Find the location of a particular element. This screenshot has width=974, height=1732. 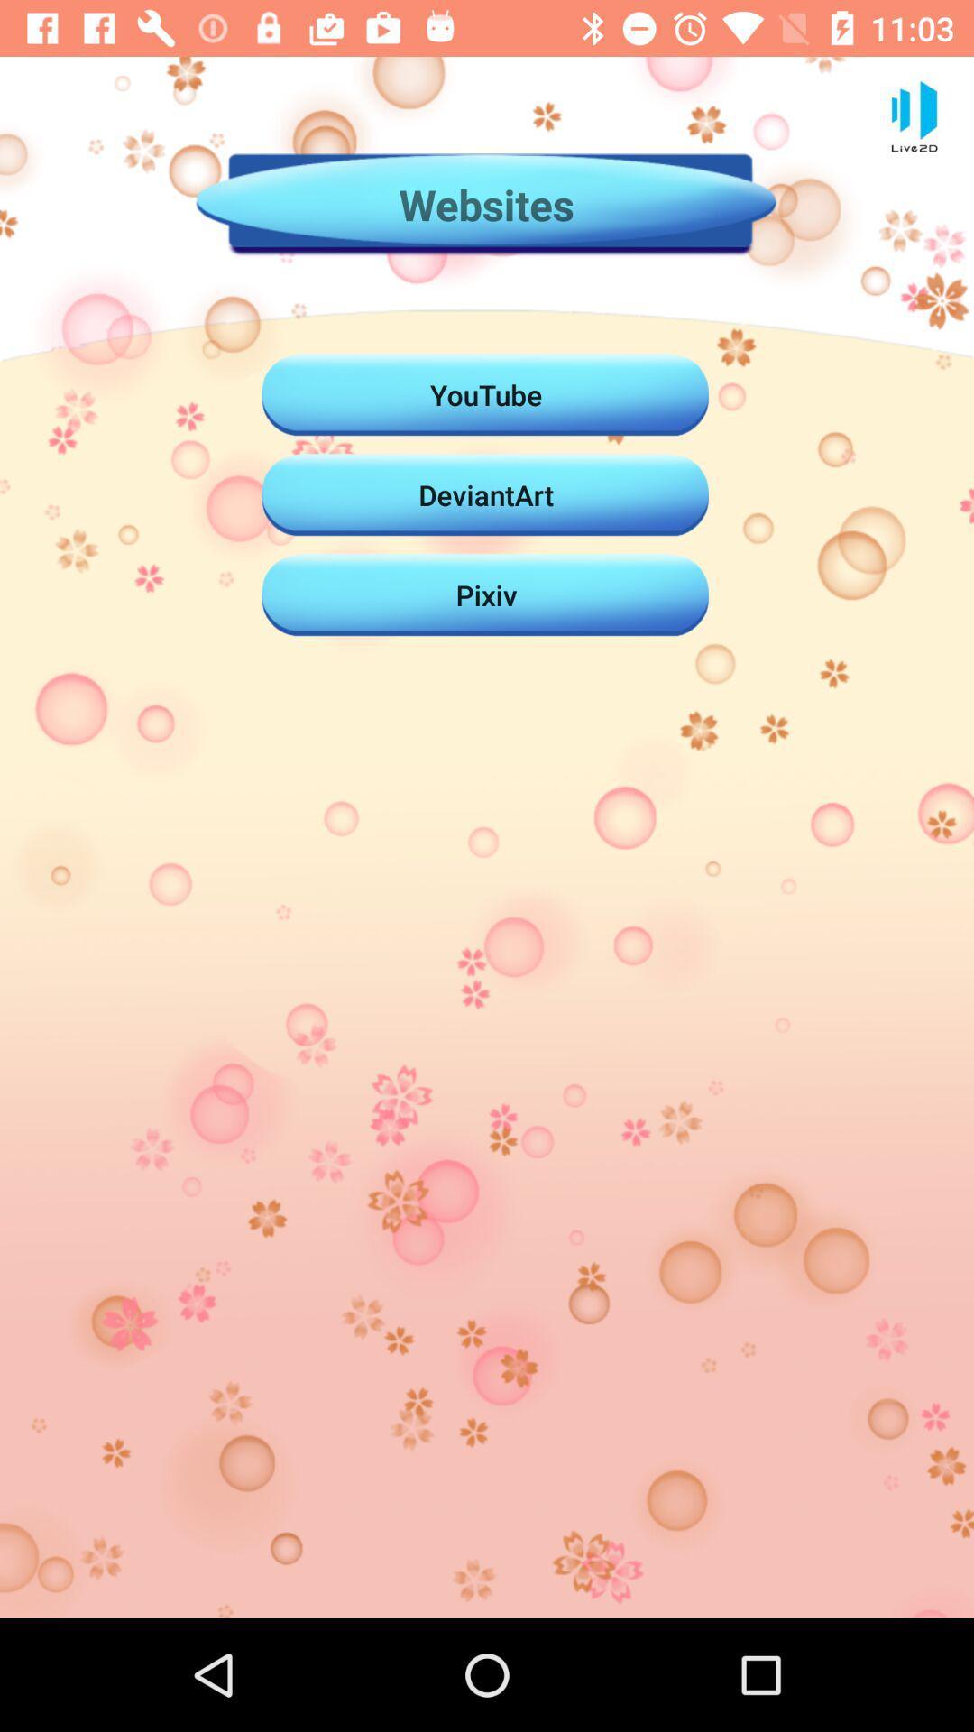

the pixiv item is located at coordinates (485, 594).